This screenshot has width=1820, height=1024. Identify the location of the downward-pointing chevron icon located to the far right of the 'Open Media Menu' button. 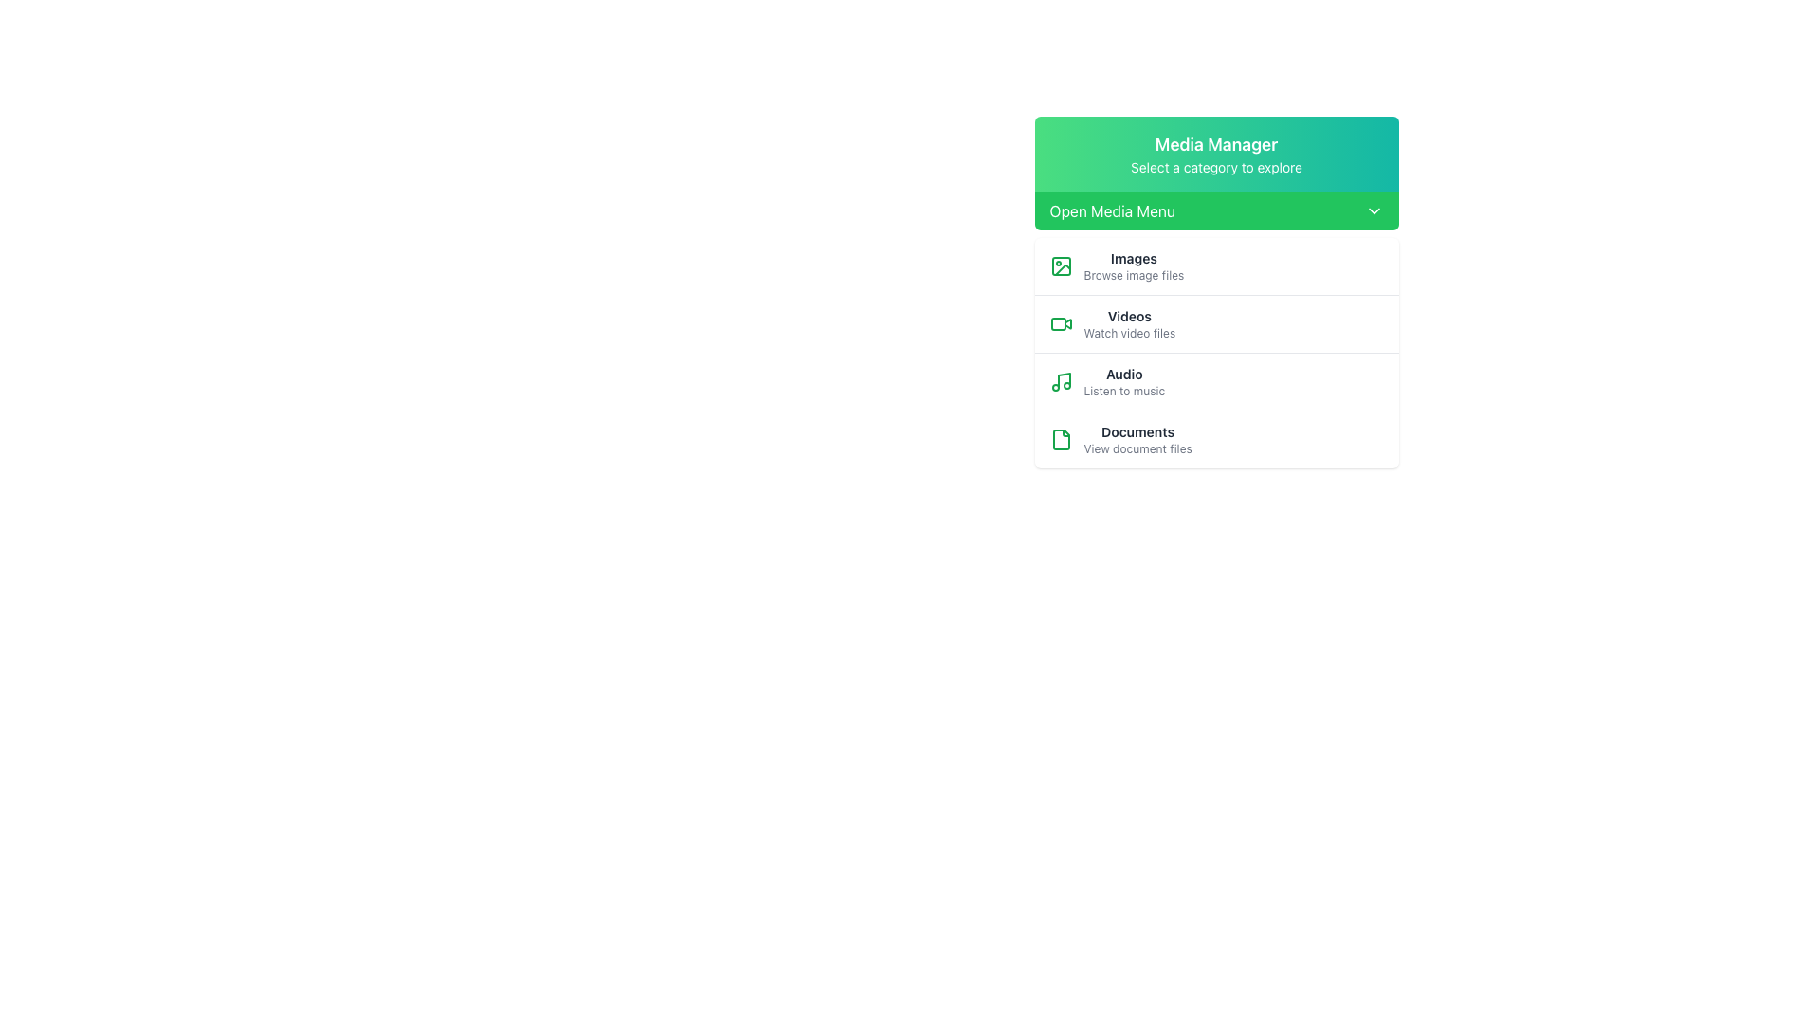
(1374, 211).